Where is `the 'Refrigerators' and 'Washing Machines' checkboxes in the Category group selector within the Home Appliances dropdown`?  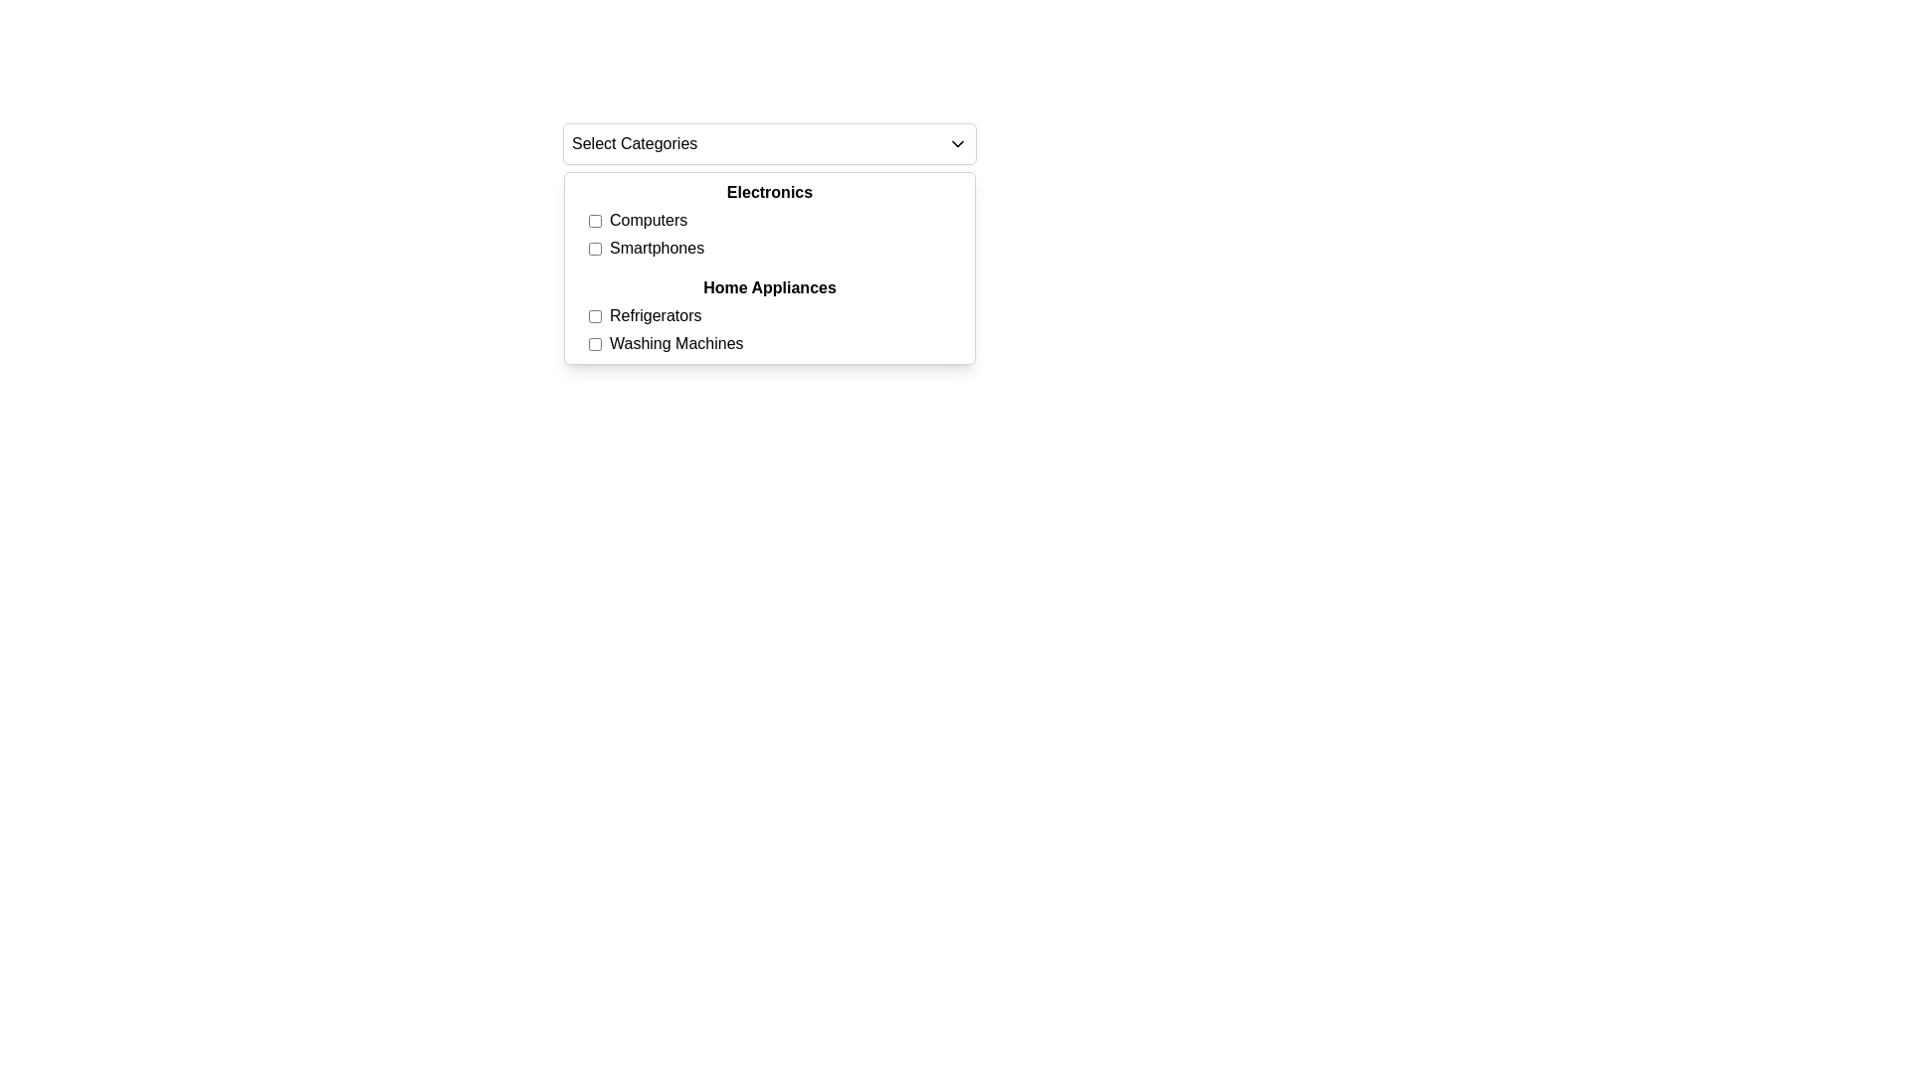 the 'Refrigerators' and 'Washing Machines' checkboxes in the Category group selector within the Home Appliances dropdown is located at coordinates (768, 314).